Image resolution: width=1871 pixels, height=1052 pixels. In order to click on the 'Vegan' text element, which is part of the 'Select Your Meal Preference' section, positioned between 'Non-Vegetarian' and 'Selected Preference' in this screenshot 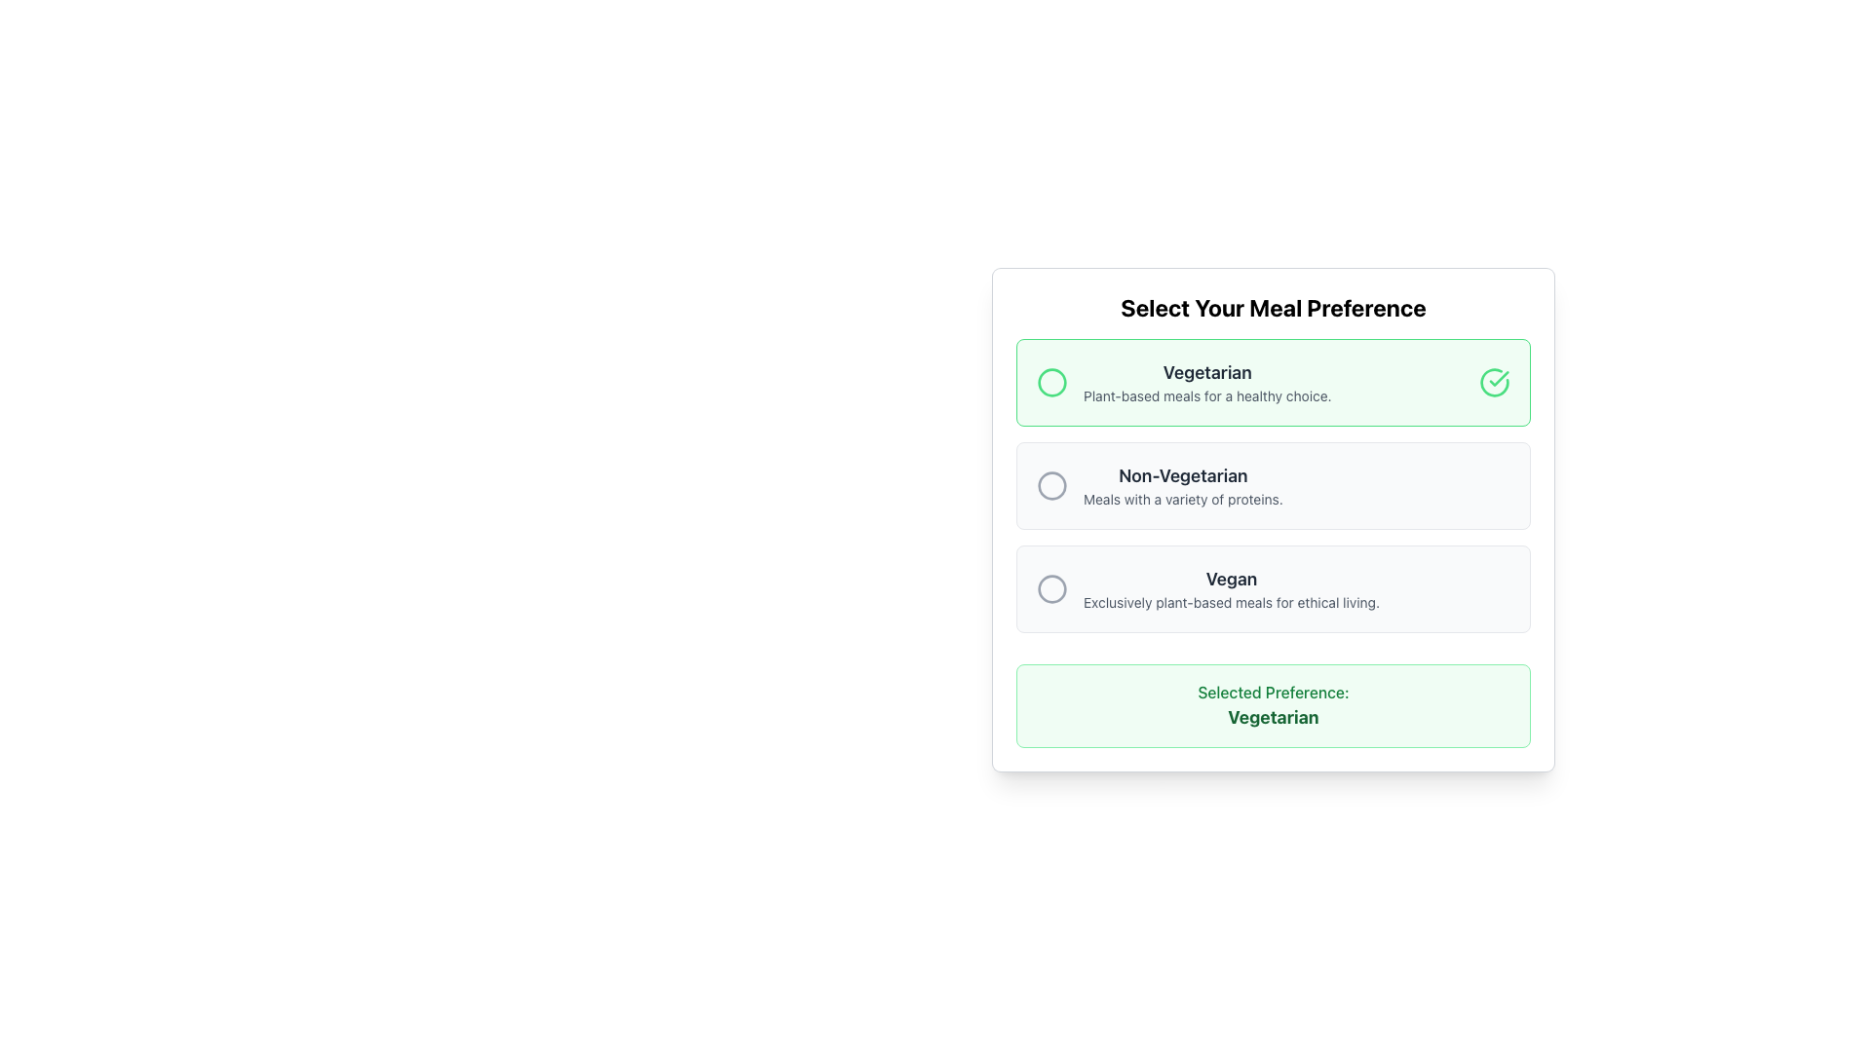, I will do `click(1230, 588)`.